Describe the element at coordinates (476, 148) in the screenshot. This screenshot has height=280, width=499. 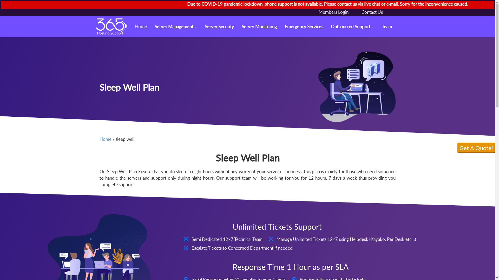
I see `'Get A Quote!'` at that location.